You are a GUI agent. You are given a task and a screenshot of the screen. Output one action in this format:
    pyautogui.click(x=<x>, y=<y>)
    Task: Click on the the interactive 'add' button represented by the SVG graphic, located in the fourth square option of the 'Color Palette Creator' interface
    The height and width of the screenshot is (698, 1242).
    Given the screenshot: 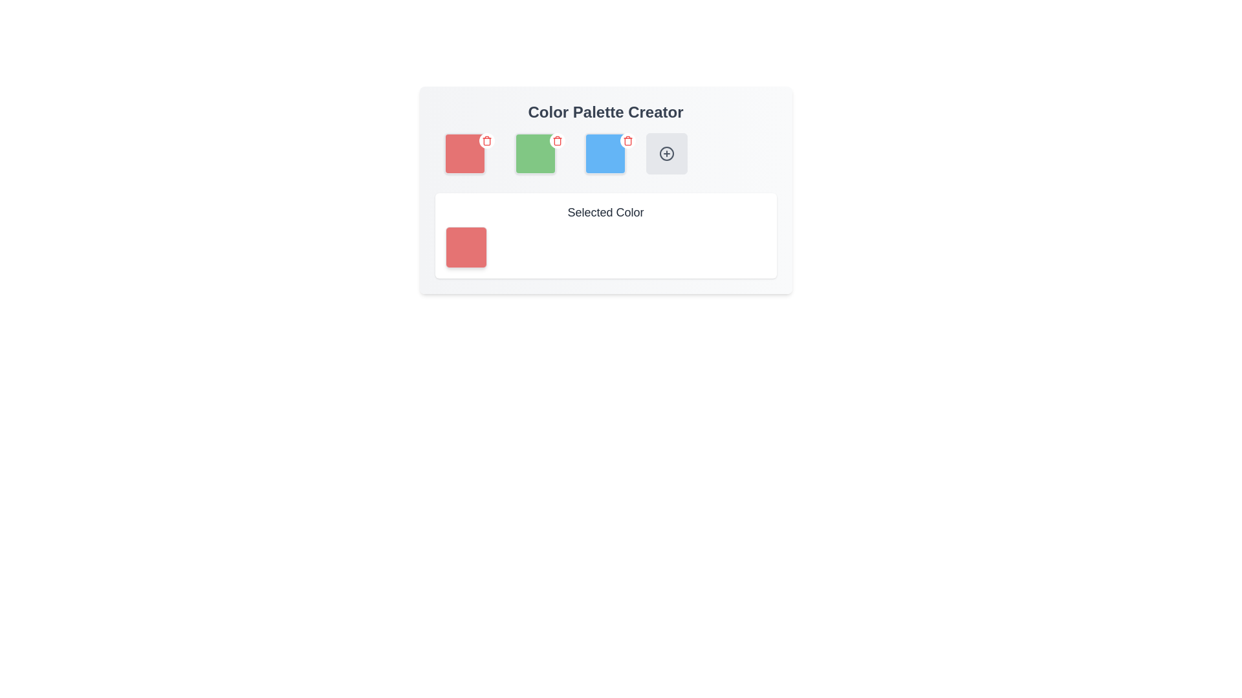 What is the action you would take?
    pyautogui.click(x=666, y=153)
    